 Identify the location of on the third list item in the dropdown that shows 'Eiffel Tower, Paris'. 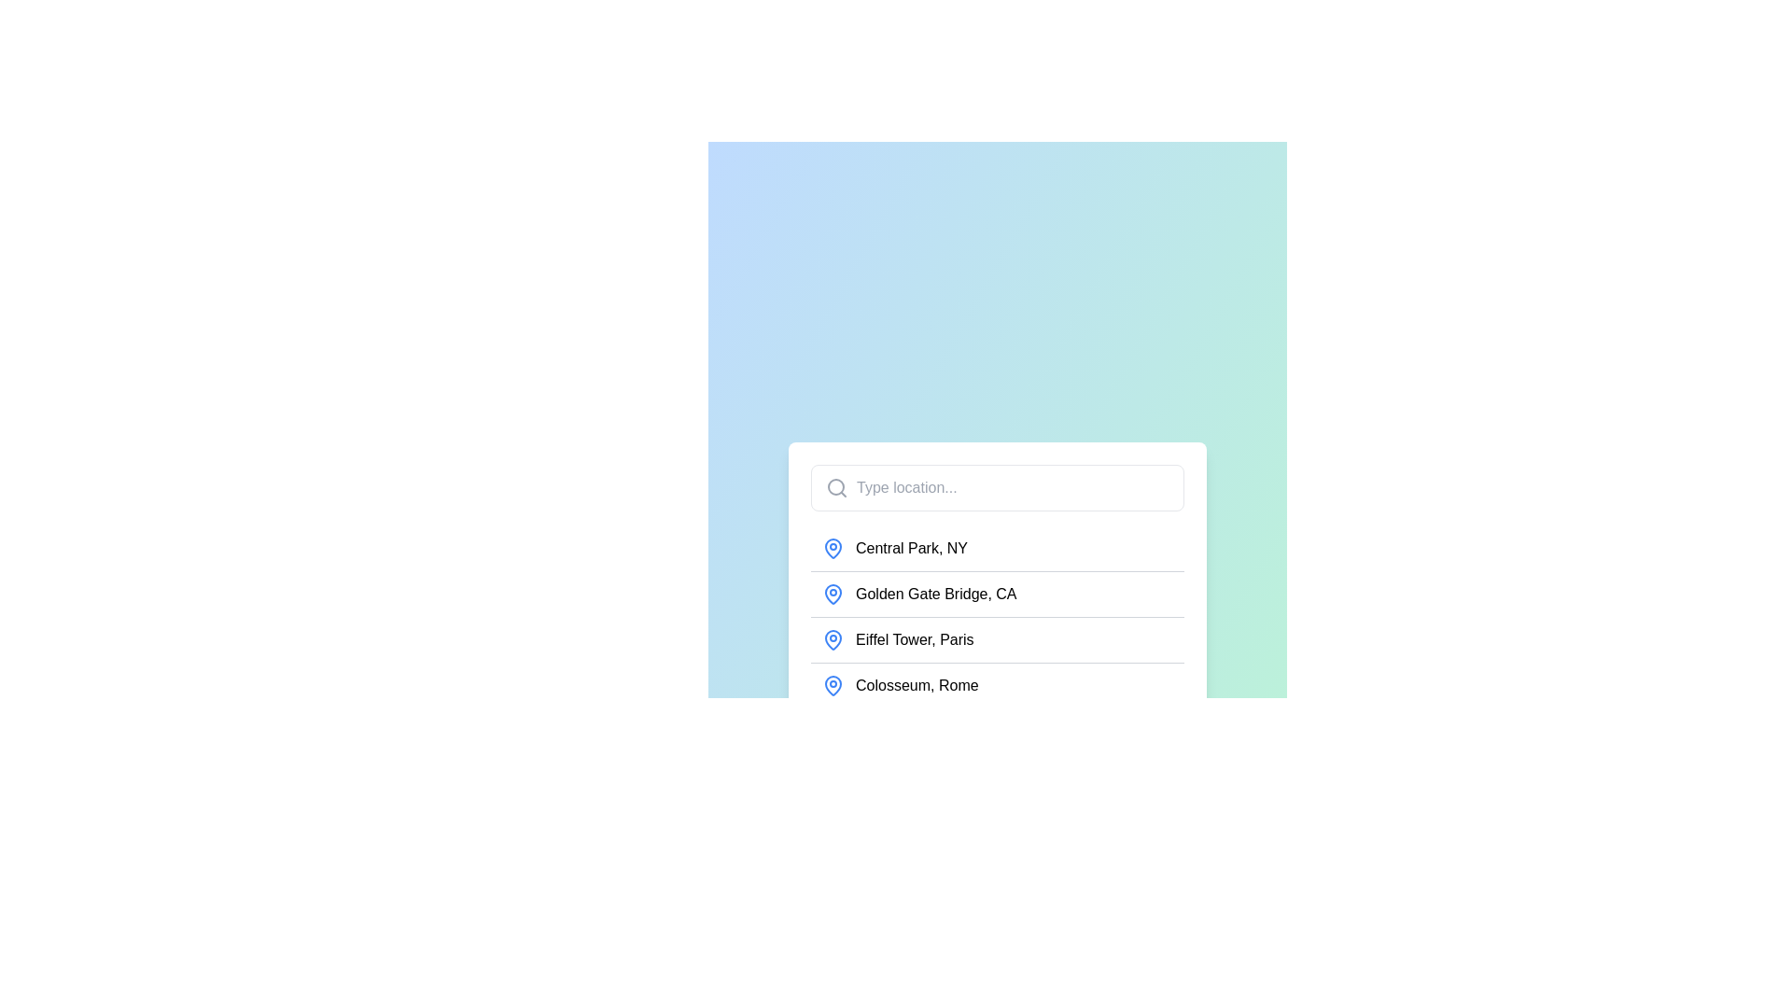
(997, 638).